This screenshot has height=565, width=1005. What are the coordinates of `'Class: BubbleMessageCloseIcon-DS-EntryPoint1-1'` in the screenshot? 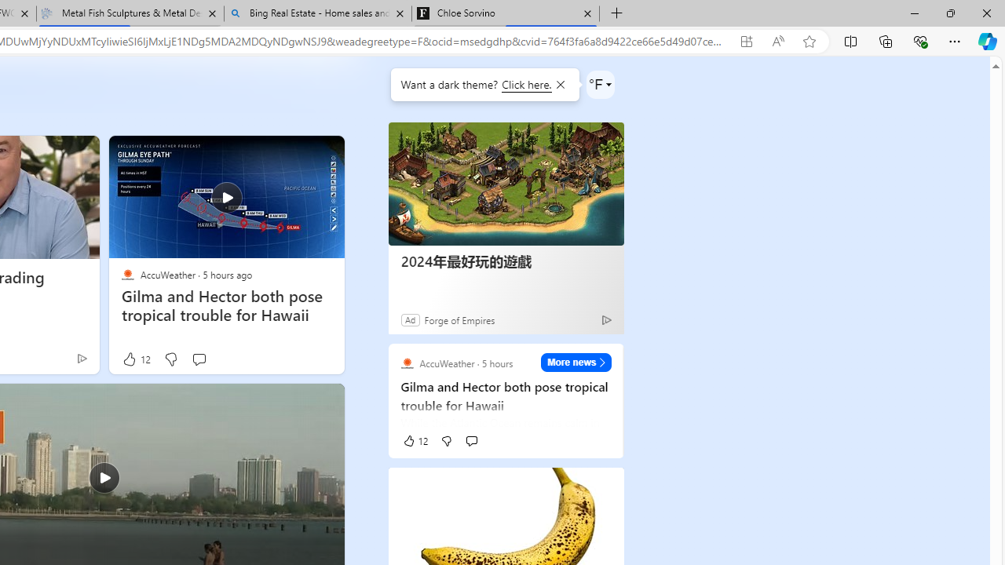 It's located at (559, 85).